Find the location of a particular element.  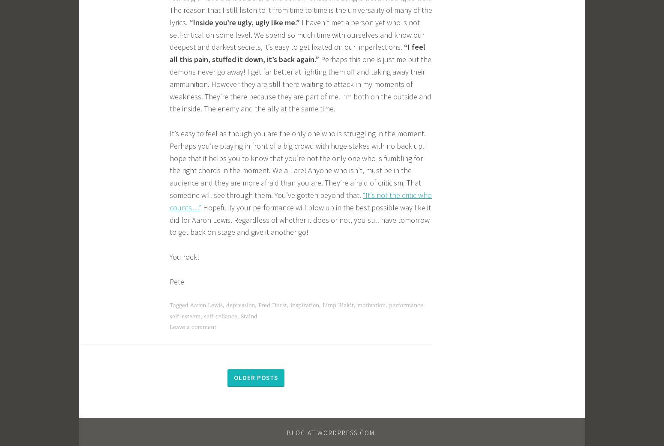

'“It’s not the critic who counts…”' is located at coordinates (170, 201).